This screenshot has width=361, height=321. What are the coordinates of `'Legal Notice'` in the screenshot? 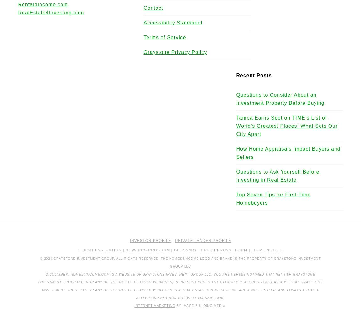 It's located at (251, 250).